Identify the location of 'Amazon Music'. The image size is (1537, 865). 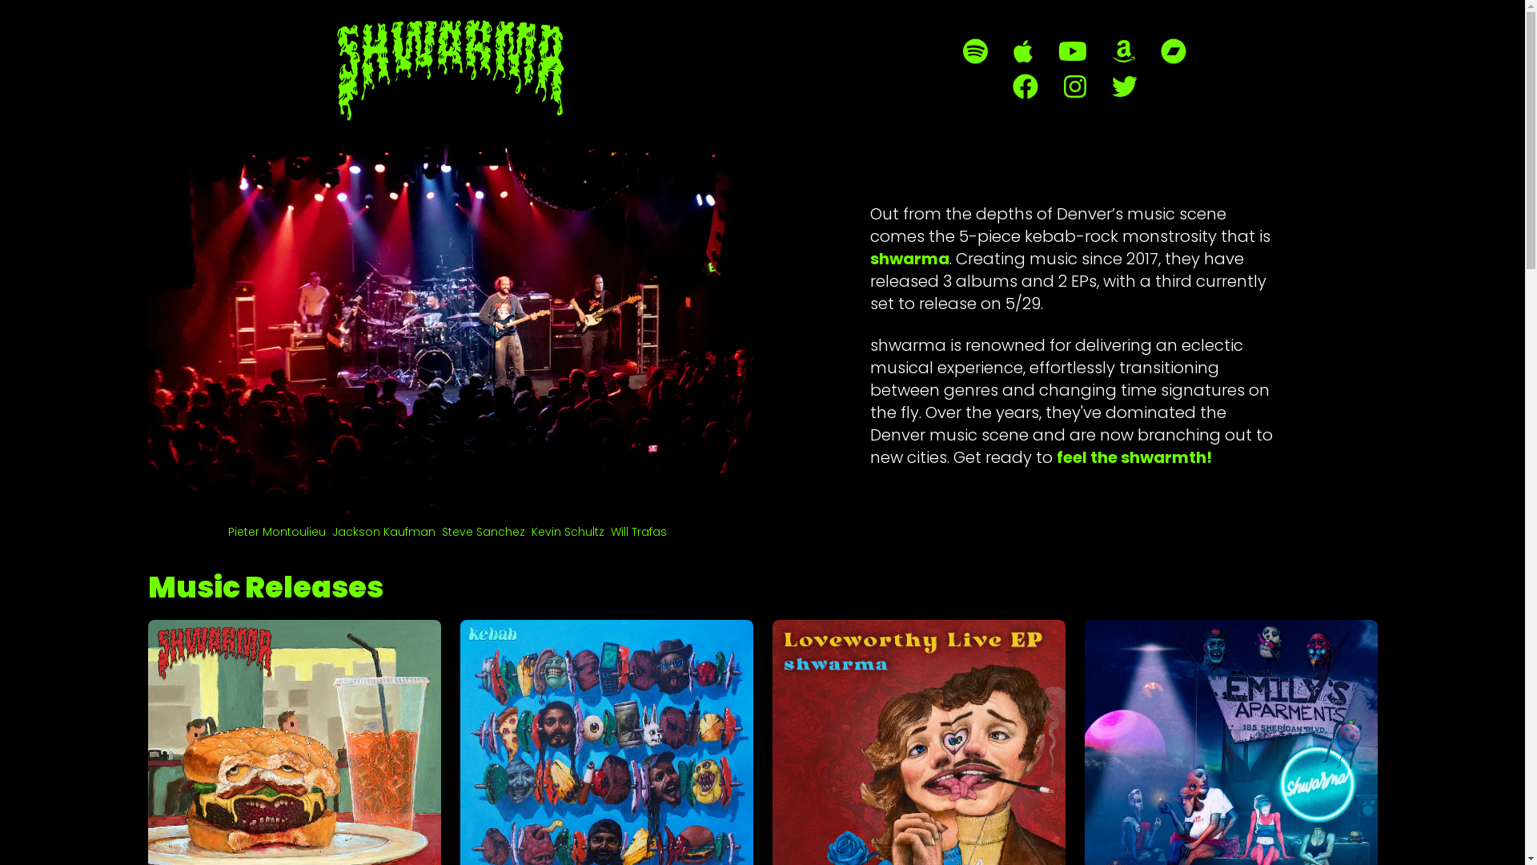
(1122, 50).